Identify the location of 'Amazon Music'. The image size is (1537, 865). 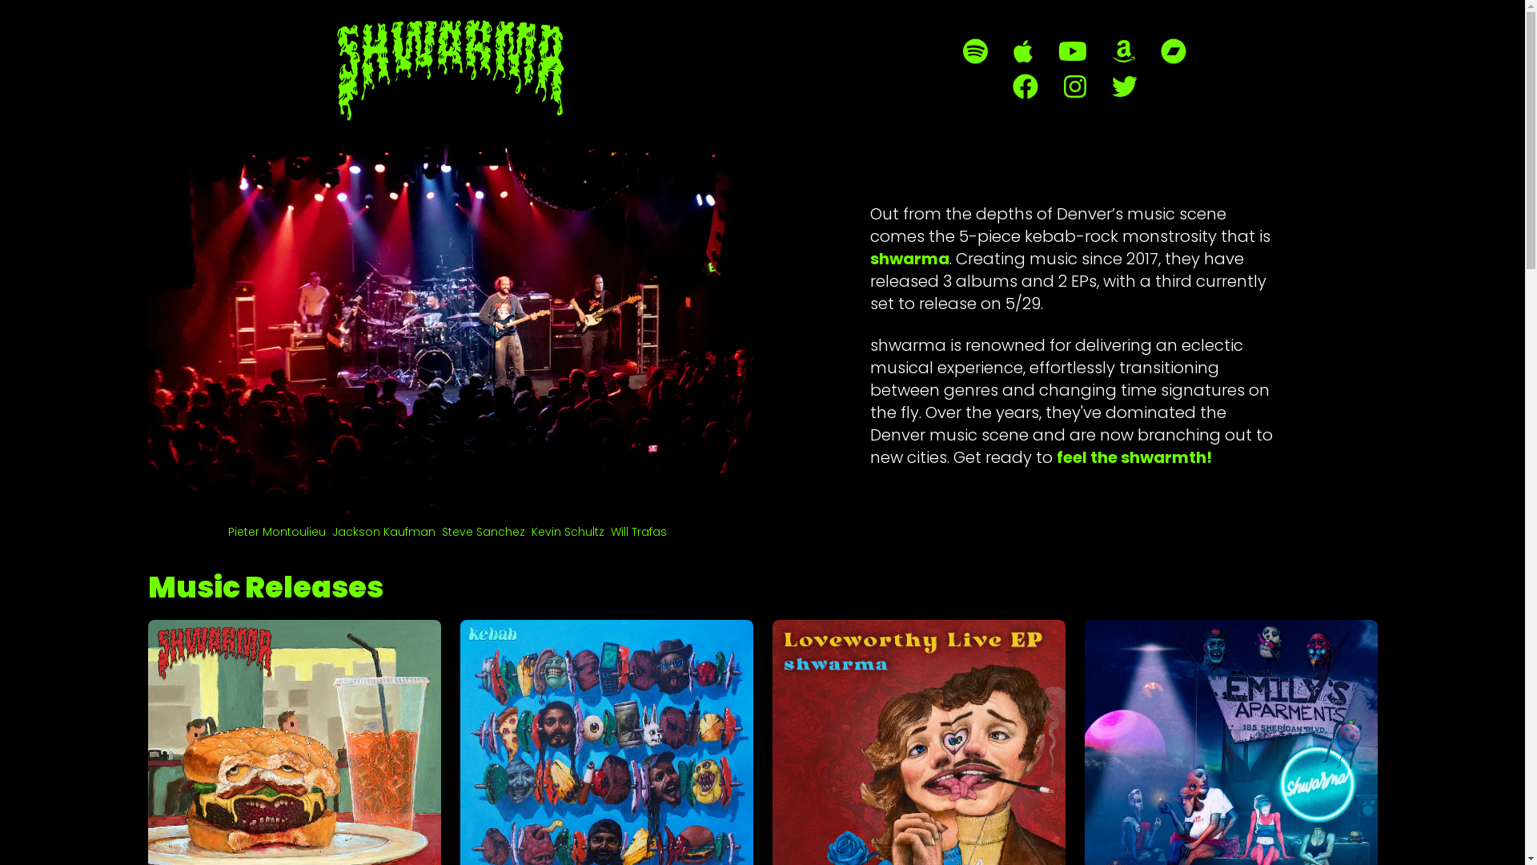
(1122, 50).